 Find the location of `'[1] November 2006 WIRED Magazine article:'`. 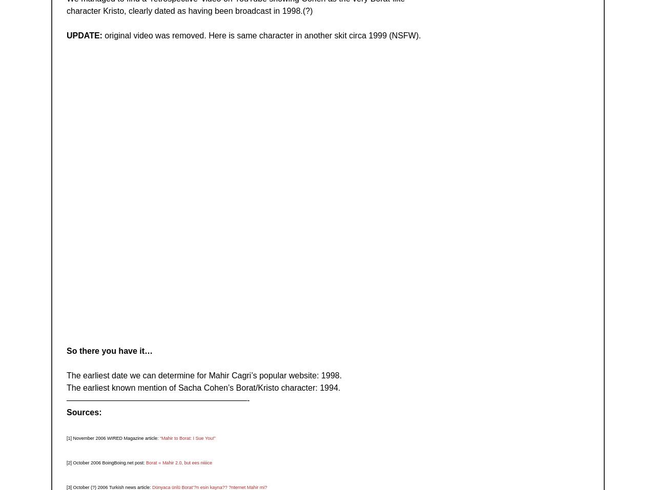

'[1] November 2006 WIRED Magazine article:' is located at coordinates (113, 437).